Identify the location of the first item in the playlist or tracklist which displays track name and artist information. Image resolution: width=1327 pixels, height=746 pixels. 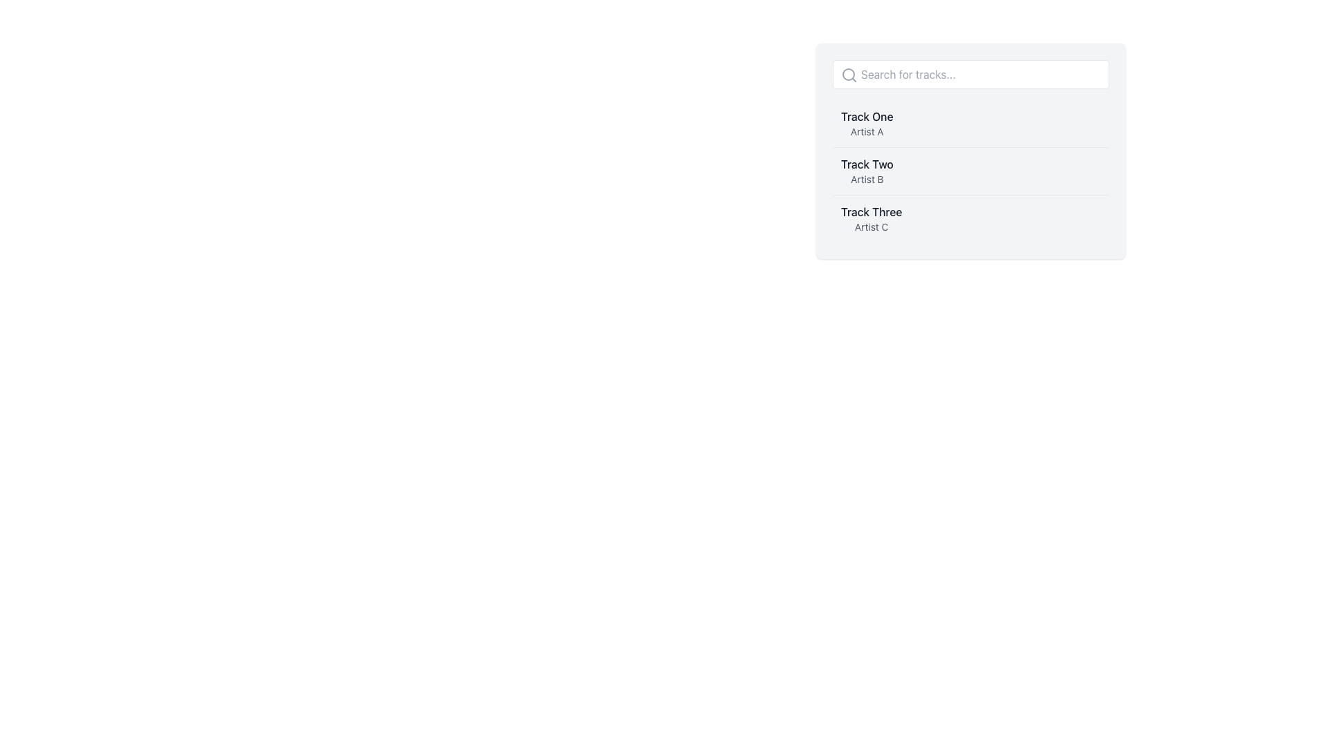
(970, 122).